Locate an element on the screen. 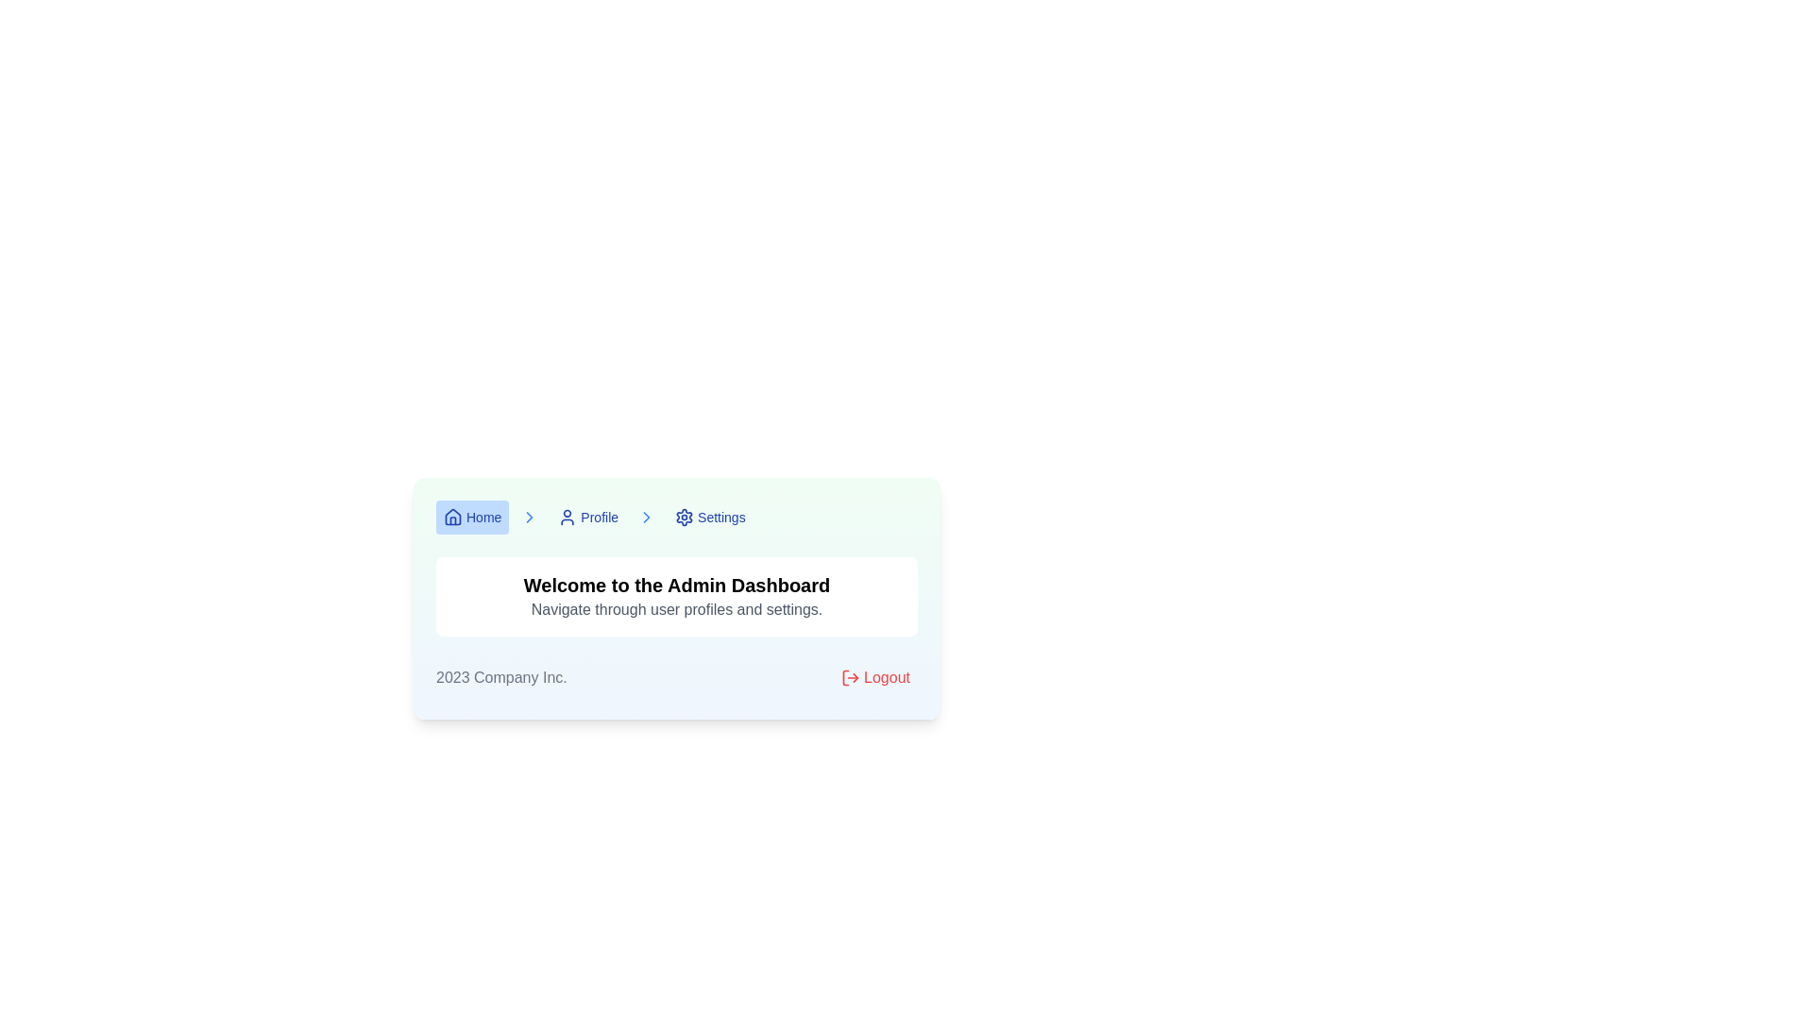 The image size is (1813, 1020). right-pointing chevron icon that separates the 'Home' and 'Profile' sections in the breadcrumb navigation bar for developer debugging purposes is located at coordinates (529, 517).